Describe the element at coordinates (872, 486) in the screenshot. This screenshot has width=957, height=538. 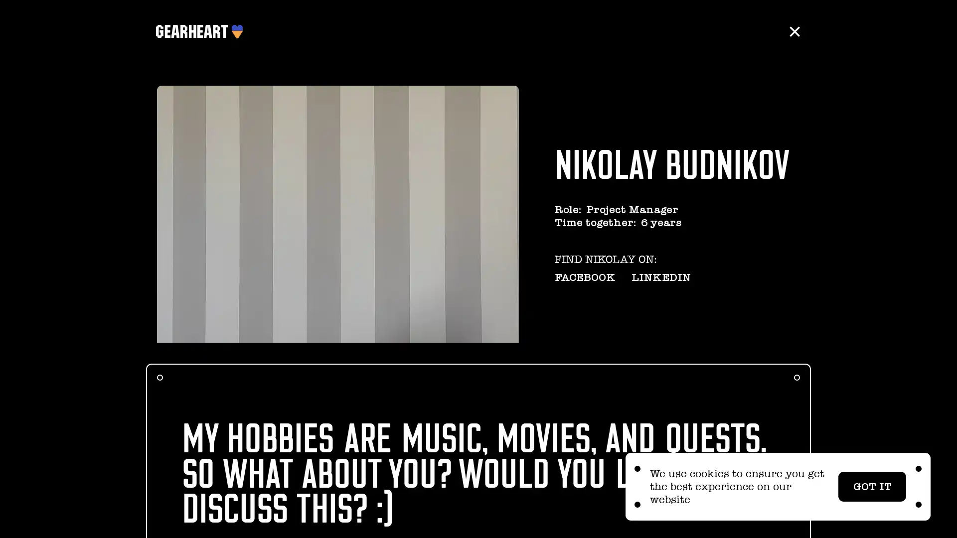
I see `GOT IT` at that location.